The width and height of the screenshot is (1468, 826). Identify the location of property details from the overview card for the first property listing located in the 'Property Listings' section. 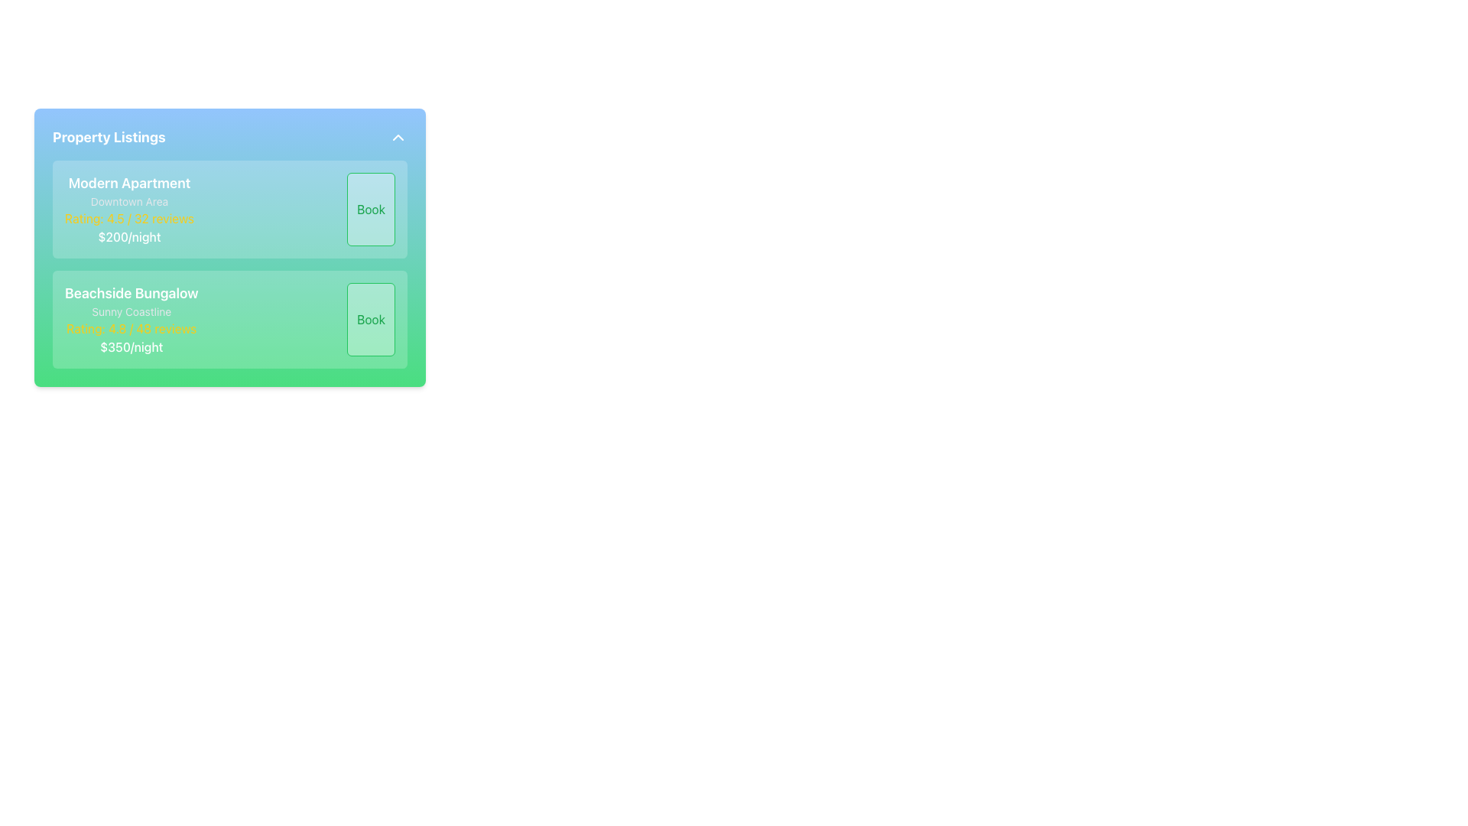
(229, 209).